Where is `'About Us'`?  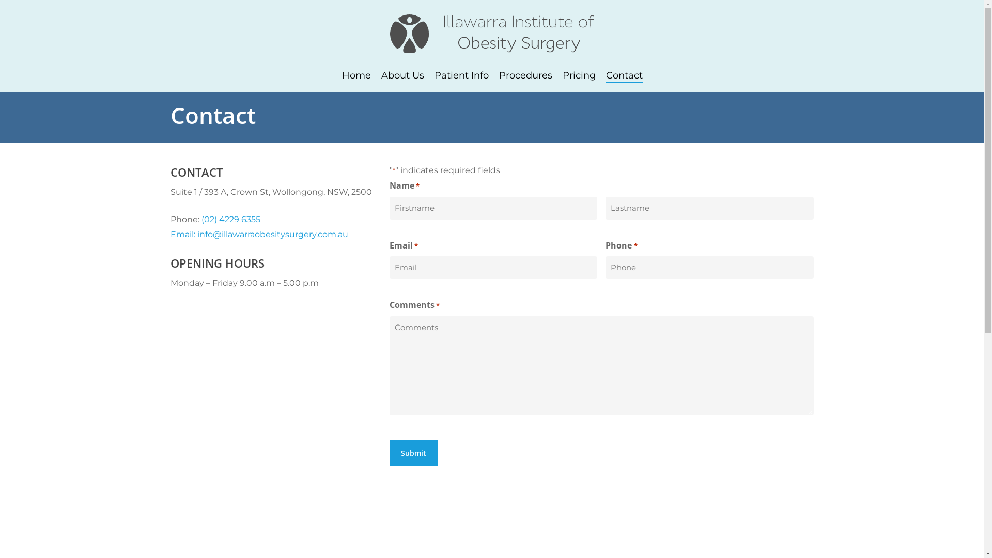 'About Us' is located at coordinates (381, 75).